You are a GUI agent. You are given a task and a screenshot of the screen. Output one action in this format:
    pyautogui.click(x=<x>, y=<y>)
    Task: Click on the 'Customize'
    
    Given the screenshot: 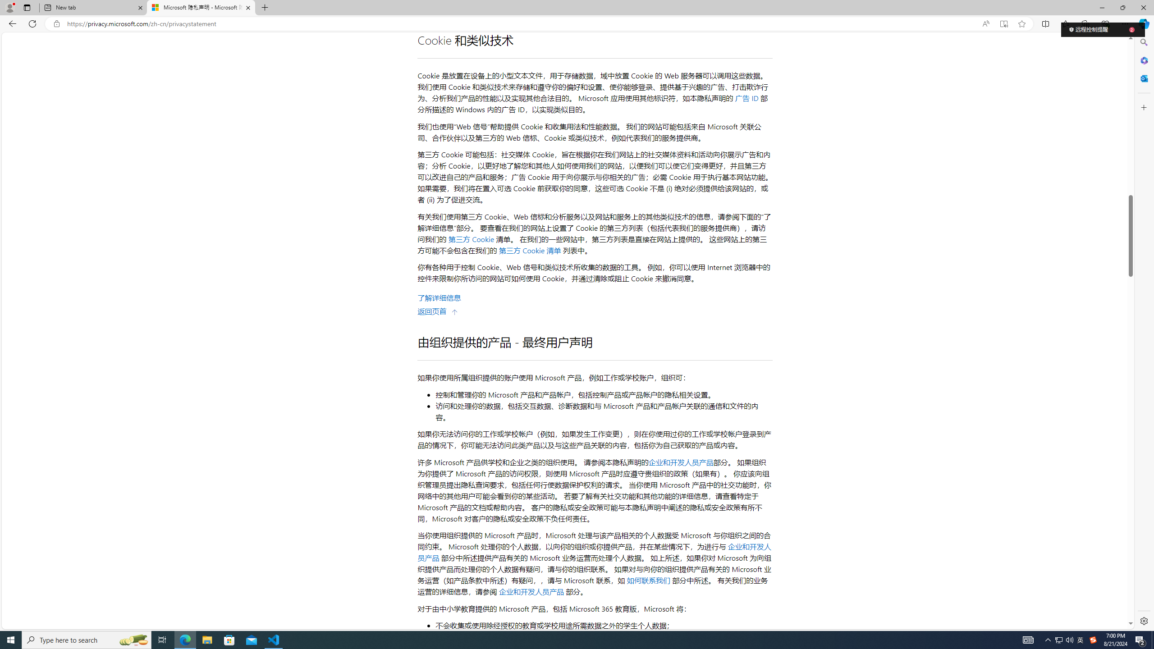 What is the action you would take?
    pyautogui.click(x=1143, y=107)
    